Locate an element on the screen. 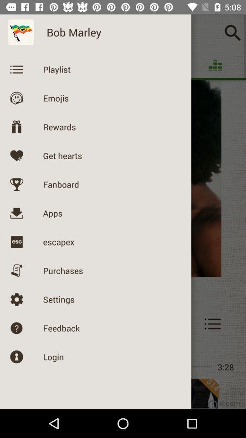 This screenshot has width=246, height=438. the menu icon on the right beside feedback button is located at coordinates (213, 323).